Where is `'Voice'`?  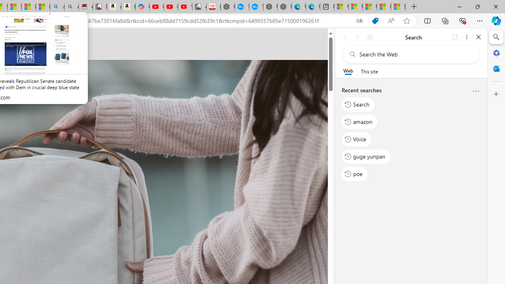 'Voice' is located at coordinates (356, 138).